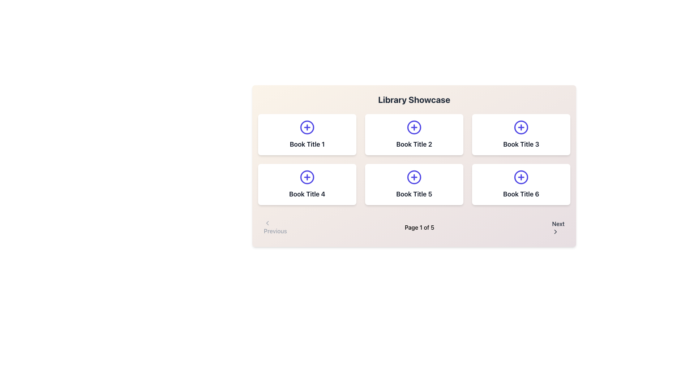 This screenshot has height=390, width=694. I want to click on the circular button with a plus sign, located in the rightmost column of the top row of icons in the 'Library Showcase' grid to initiate its action, so click(521, 127).